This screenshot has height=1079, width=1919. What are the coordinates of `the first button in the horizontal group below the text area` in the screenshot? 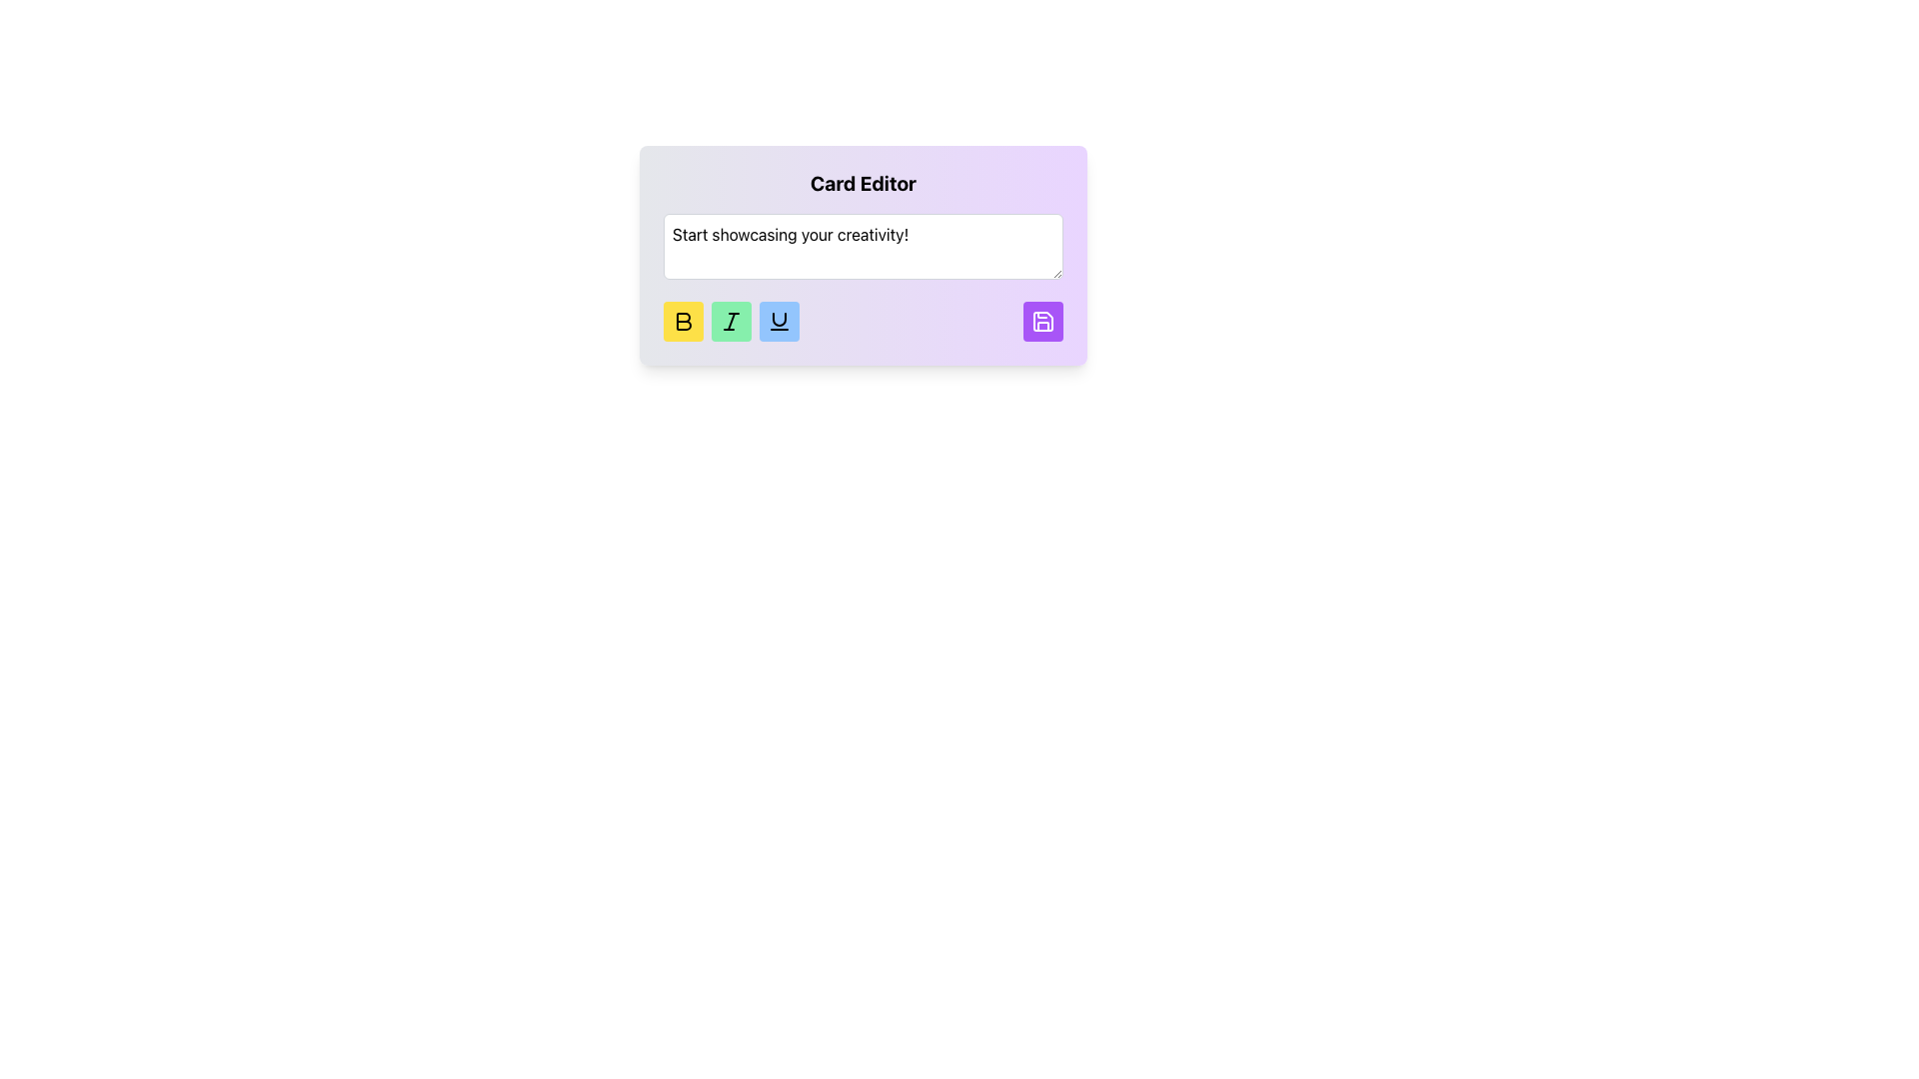 It's located at (684, 320).